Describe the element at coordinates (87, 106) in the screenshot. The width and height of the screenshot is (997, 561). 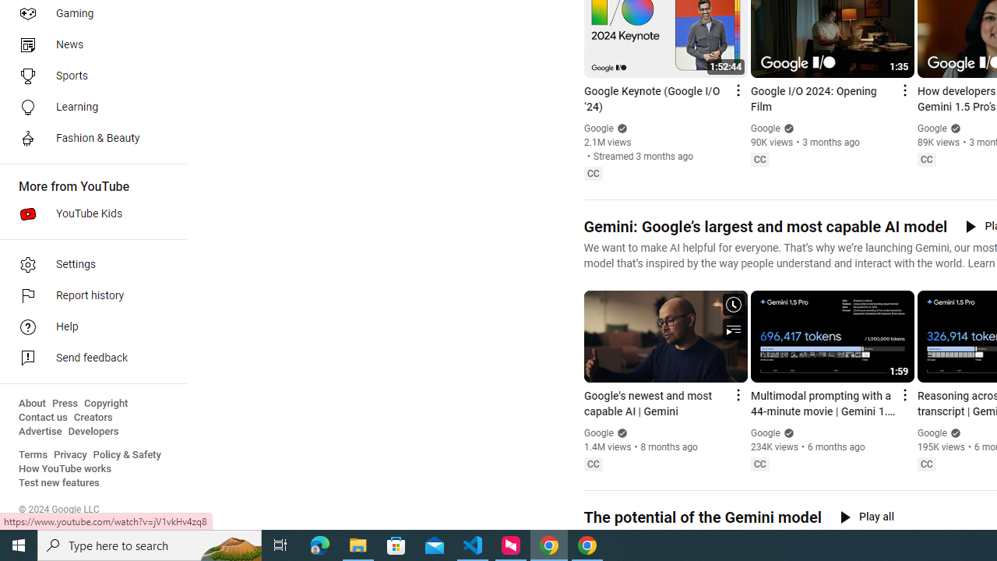
I see `'Learning'` at that location.